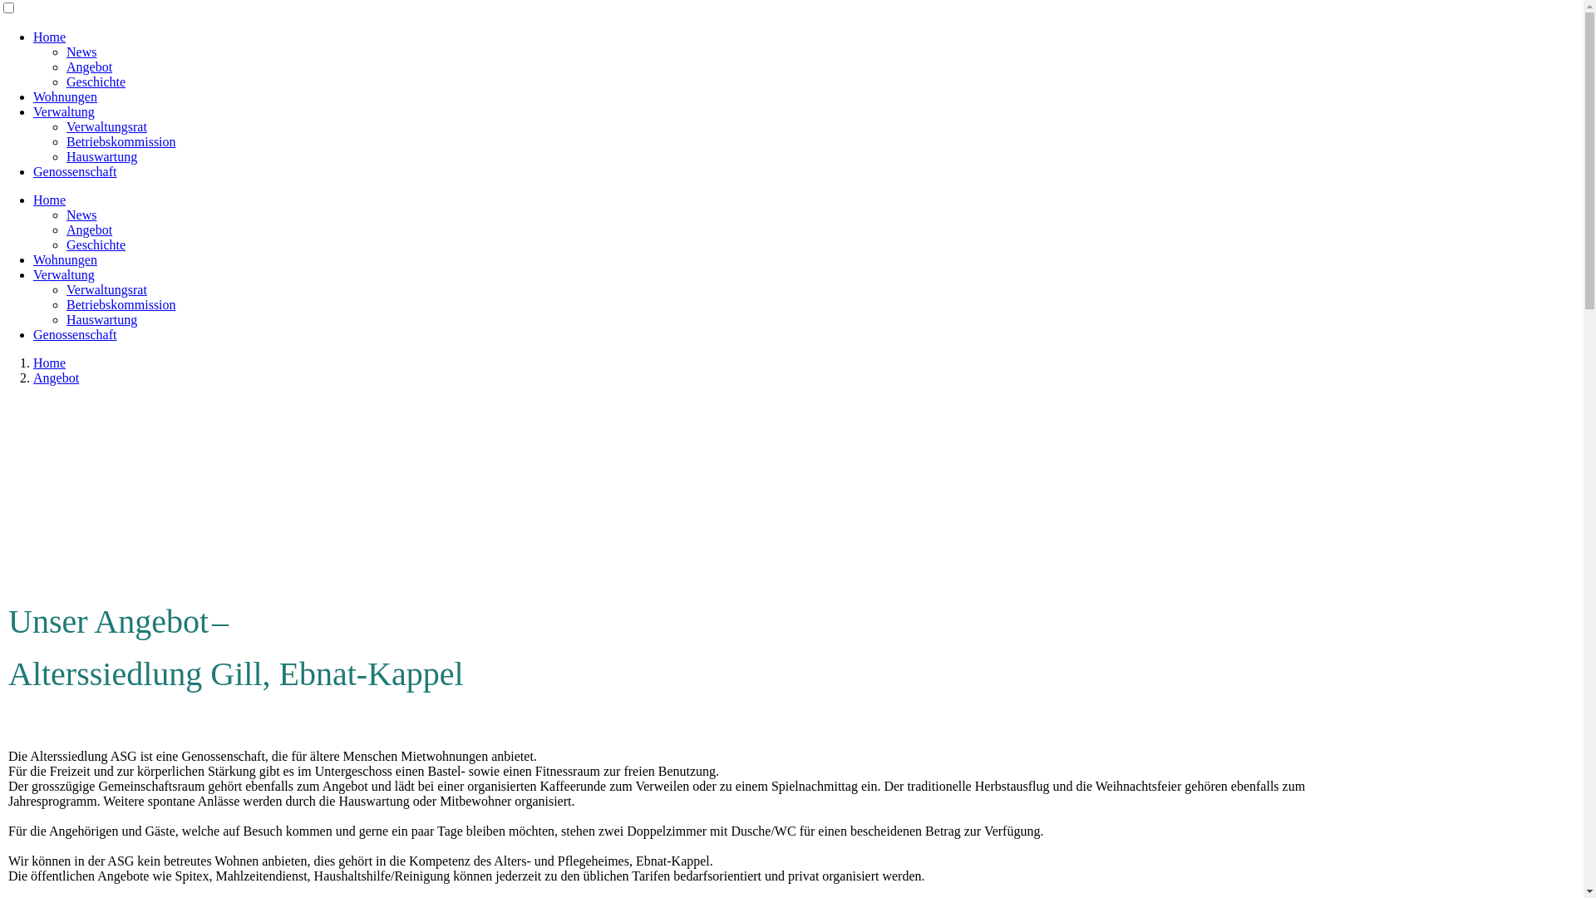  Describe the element at coordinates (49, 199) in the screenshot. I see `'Home'` at that location.